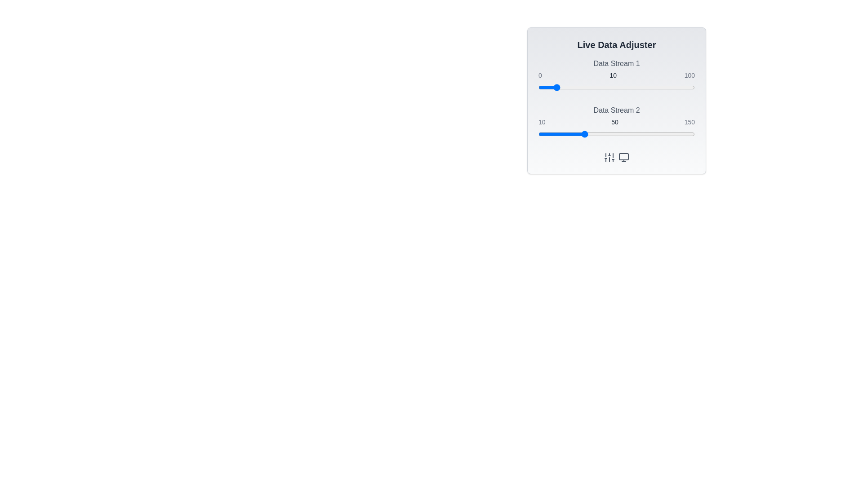  I want to click on the Data Stream 2 value, so click(566, 134).